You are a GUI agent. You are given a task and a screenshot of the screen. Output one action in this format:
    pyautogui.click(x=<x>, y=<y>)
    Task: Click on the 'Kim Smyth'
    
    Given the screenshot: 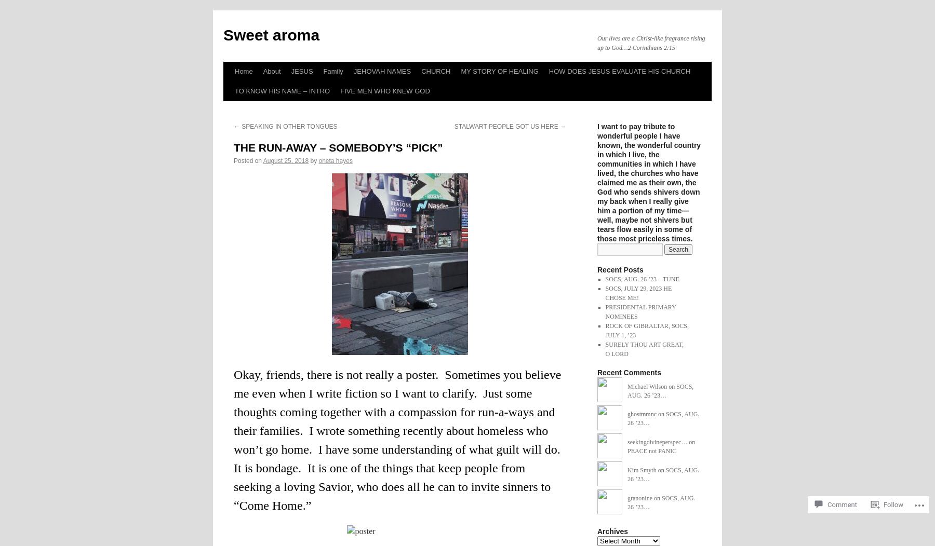 What is the action you would take?
    pyautogui.click(x=641, y=470)
    